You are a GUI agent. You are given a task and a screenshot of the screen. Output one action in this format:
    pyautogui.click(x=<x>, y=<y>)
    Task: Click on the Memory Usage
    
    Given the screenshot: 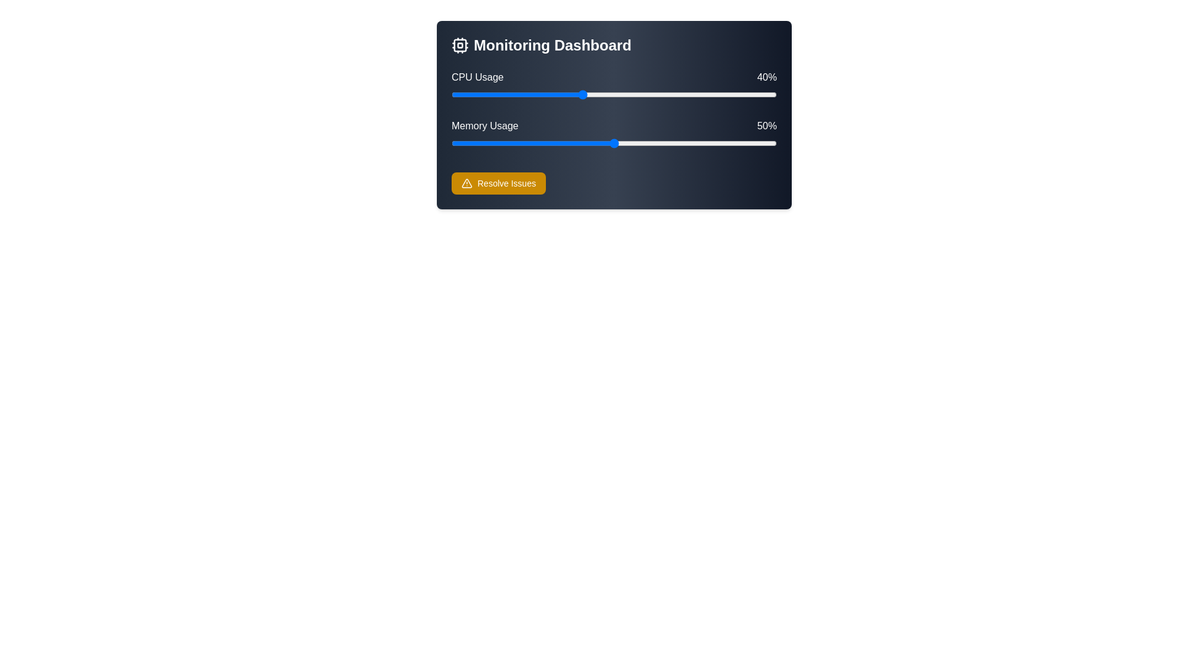 What is the action you would take?
    pyautogui.click(x=692, y=142)
    